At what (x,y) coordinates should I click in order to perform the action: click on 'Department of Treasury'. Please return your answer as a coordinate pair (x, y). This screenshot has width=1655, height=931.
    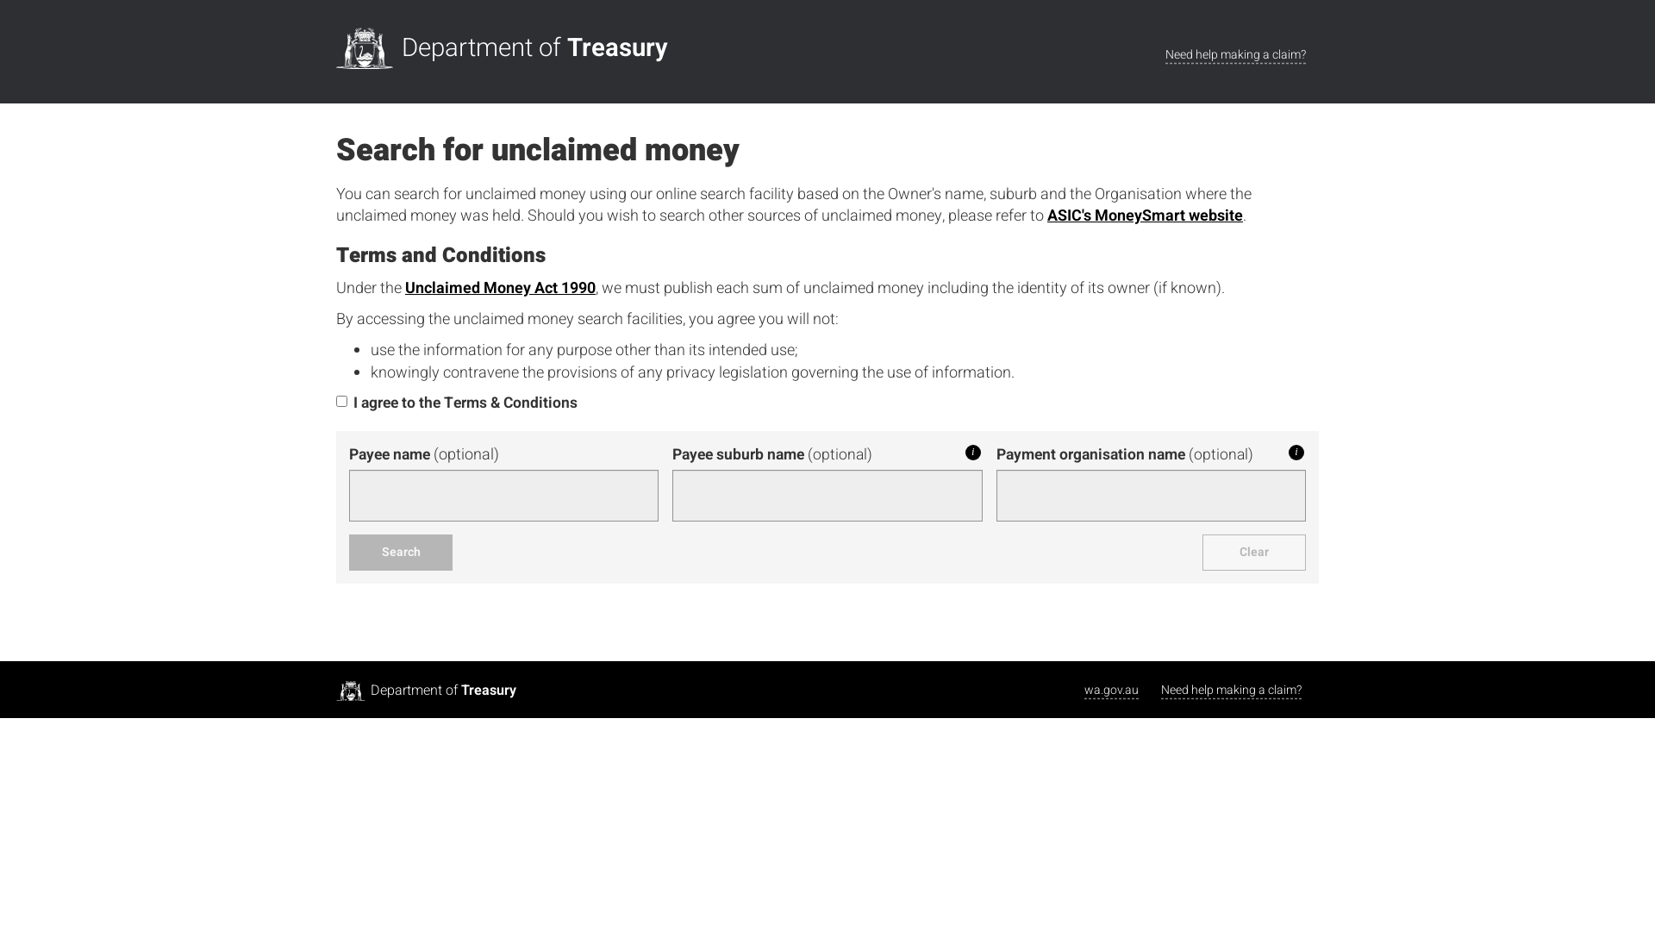
    Looking at the image, I should click on (505, 47).